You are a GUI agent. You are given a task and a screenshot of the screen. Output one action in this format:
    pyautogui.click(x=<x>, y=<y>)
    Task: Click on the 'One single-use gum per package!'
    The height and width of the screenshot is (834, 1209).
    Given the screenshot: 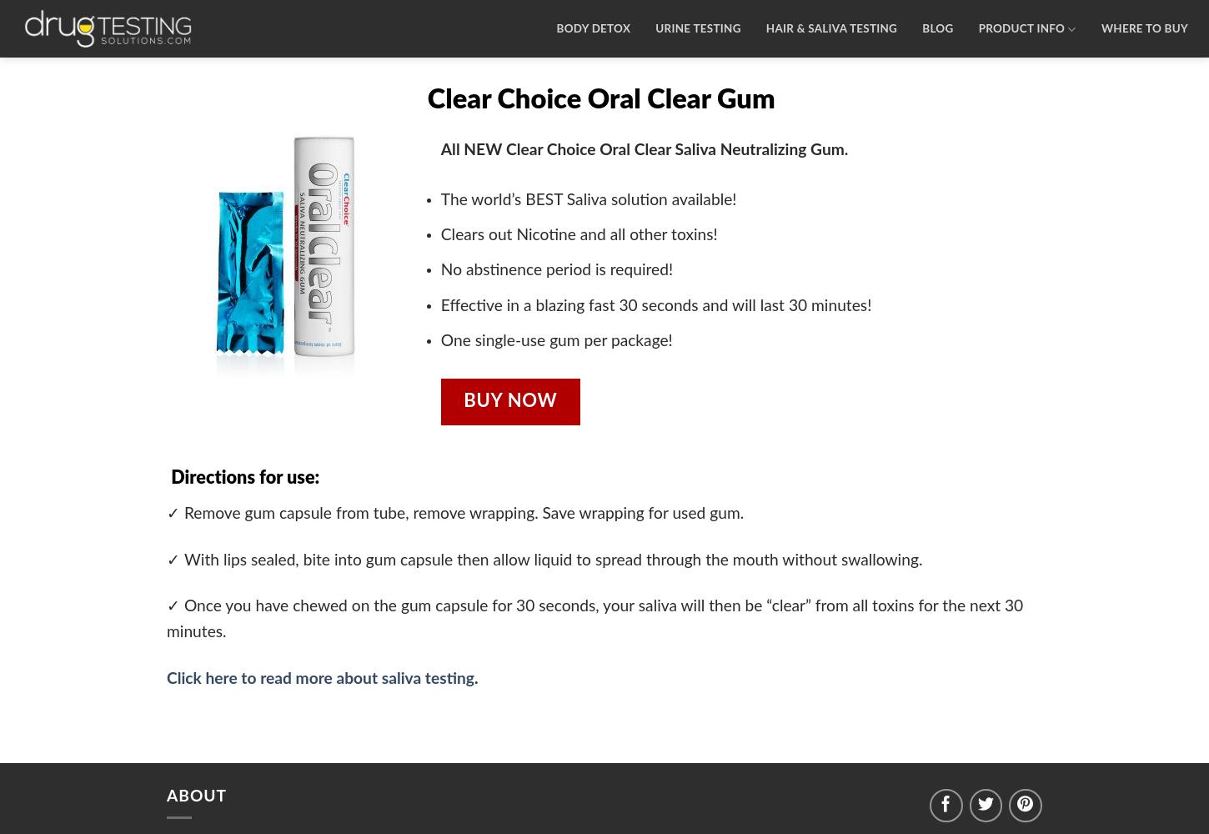 What is the action you would take?
    pyautogui.click(x=555, y=340)
    